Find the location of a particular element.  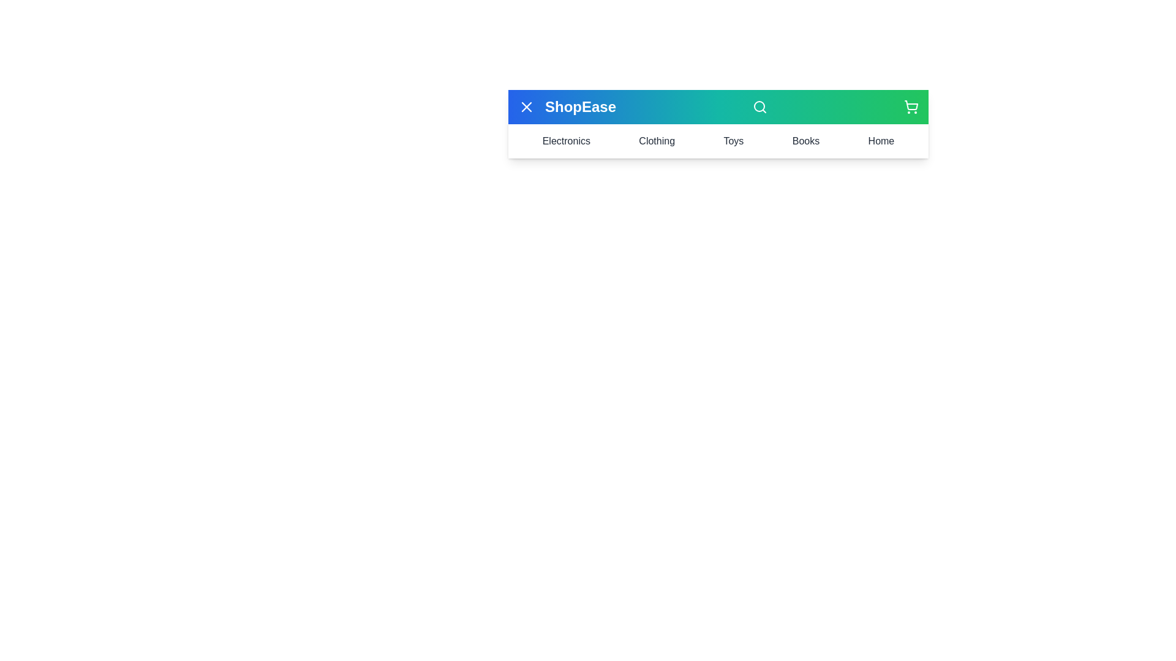

the Home menu item to view its content is located at coordinates (881, 141).